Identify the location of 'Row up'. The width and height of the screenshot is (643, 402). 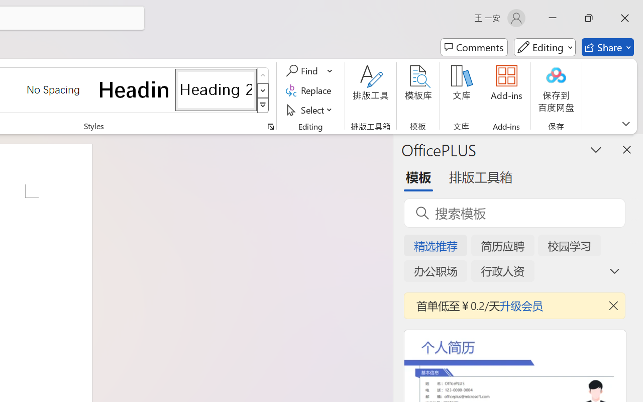
(263, 75).